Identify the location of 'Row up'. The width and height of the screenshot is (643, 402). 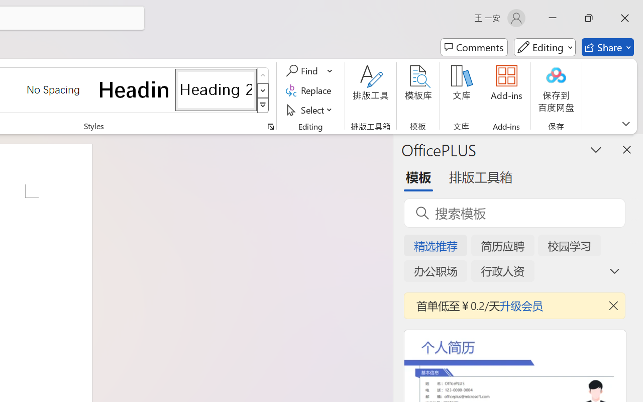
(263, 75).